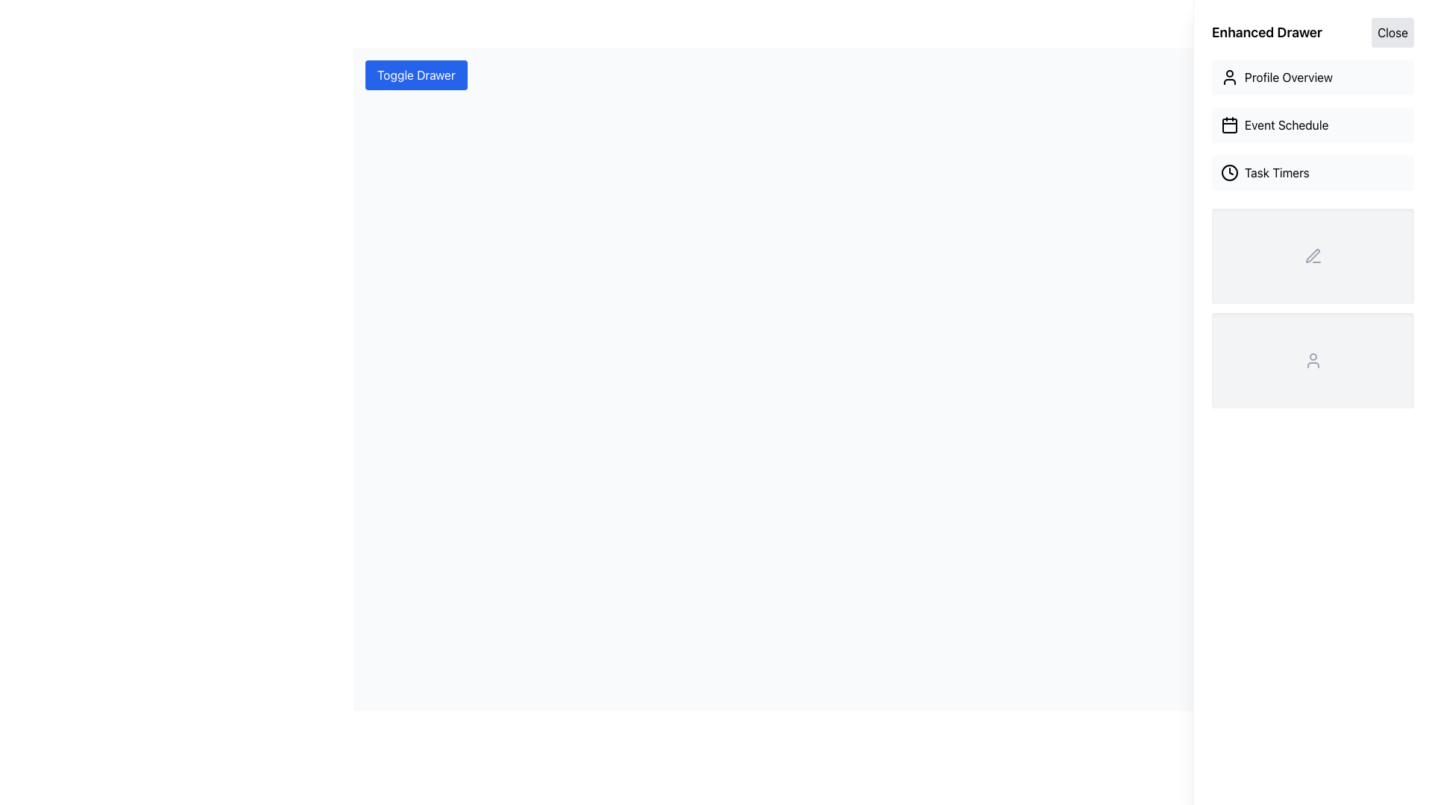  What do you see at coordinates (1392, 32) in the screenshot?
I see `the close button located in the top-right corner of the 'Enhanced Drawer' panel` at bounding box center [1392, 32].